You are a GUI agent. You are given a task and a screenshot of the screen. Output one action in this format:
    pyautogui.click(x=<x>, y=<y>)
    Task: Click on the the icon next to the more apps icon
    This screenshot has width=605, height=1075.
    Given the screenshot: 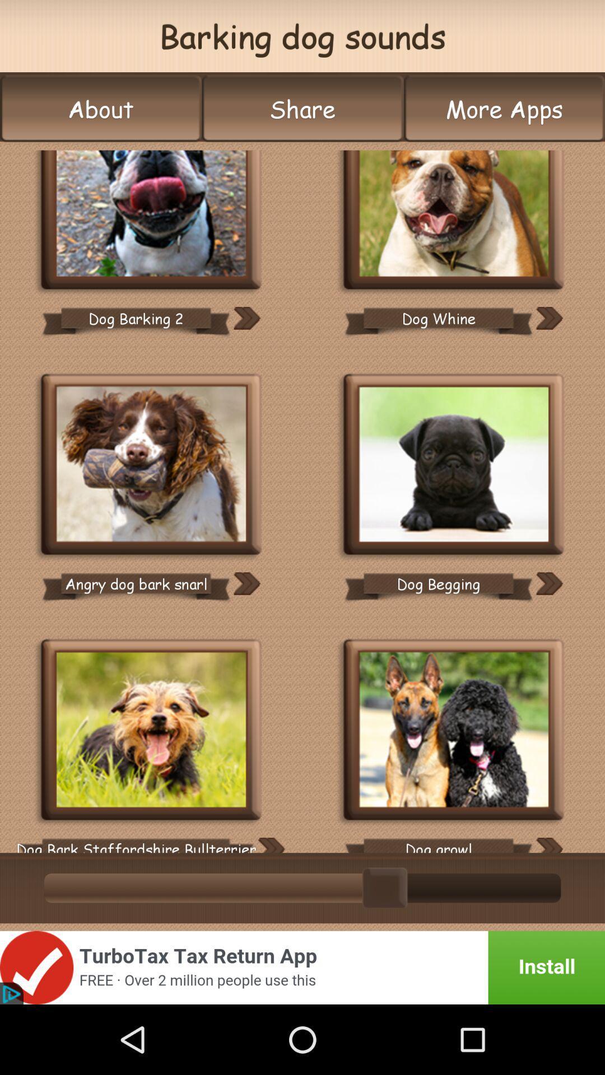 What is the action you would take?
    pyautogui.click(x=302, y=109)
    